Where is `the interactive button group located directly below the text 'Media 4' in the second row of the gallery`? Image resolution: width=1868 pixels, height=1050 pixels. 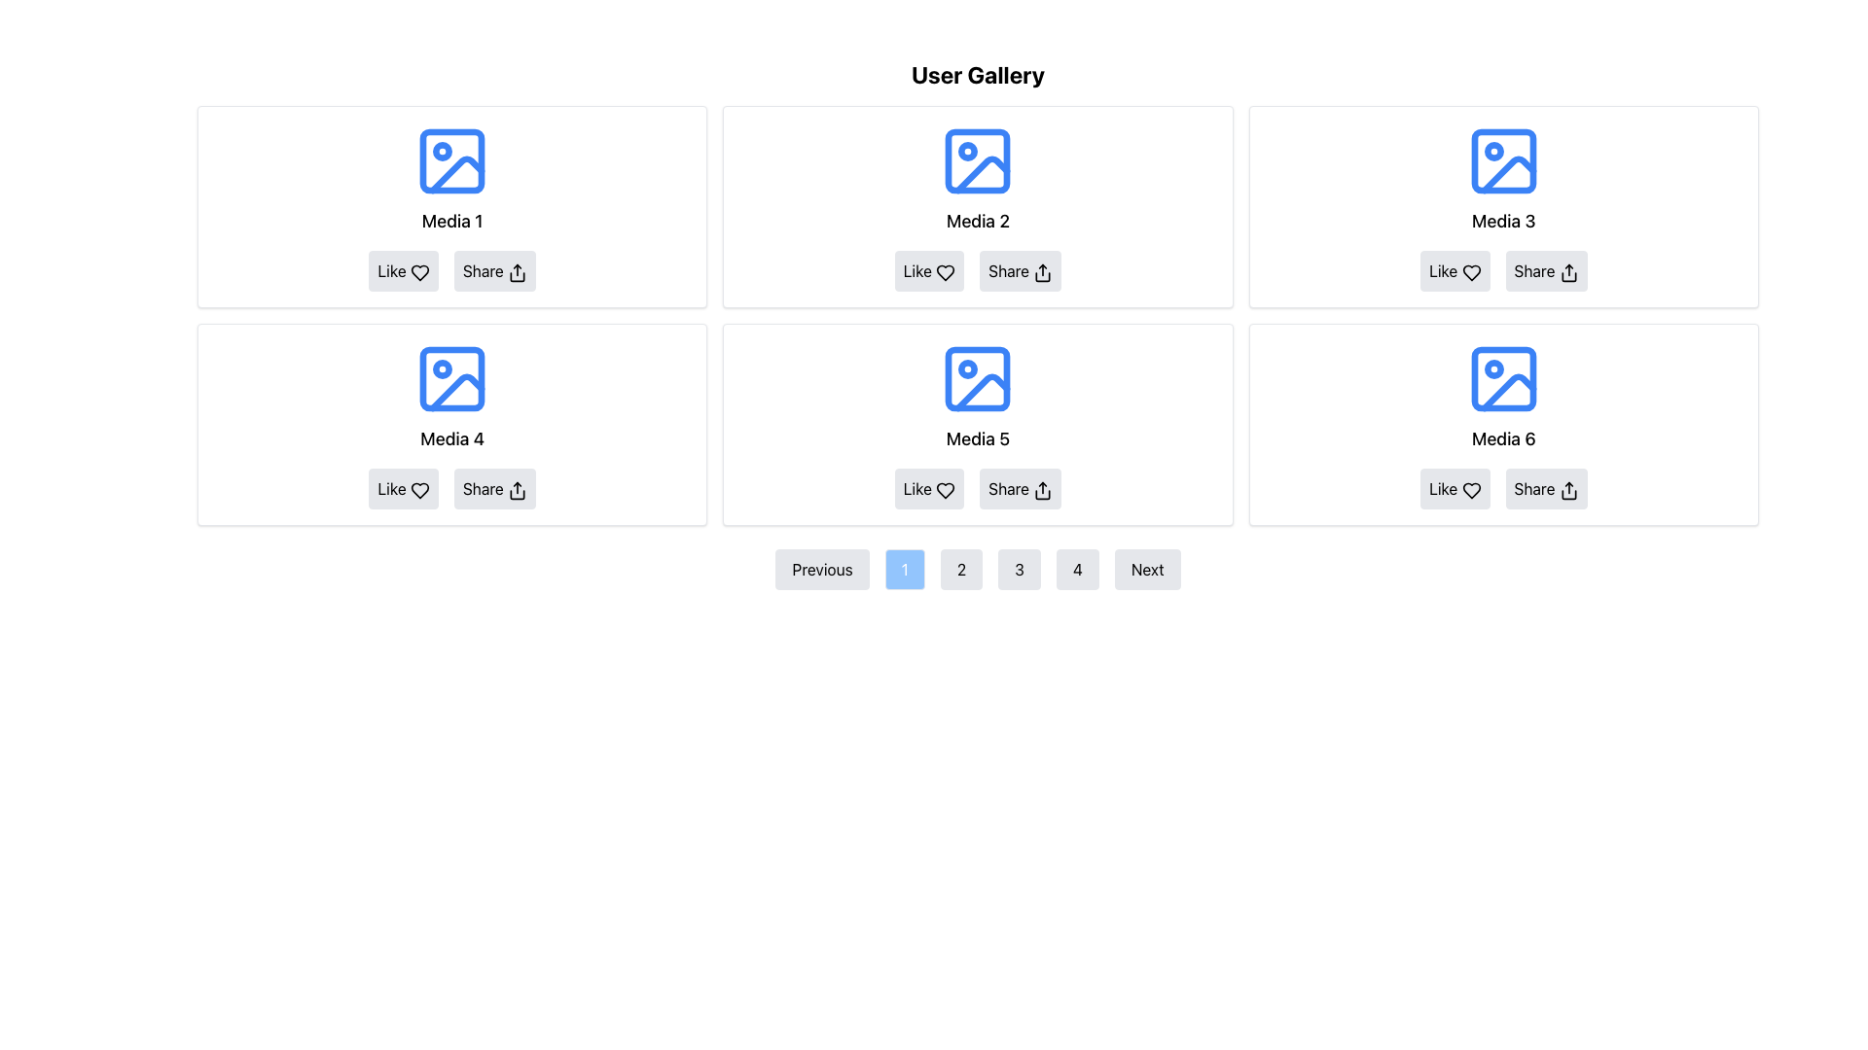
the interactive button group located directly below the text 'Media 4' in the second row of the gallery is located at coordinates (451, 487).